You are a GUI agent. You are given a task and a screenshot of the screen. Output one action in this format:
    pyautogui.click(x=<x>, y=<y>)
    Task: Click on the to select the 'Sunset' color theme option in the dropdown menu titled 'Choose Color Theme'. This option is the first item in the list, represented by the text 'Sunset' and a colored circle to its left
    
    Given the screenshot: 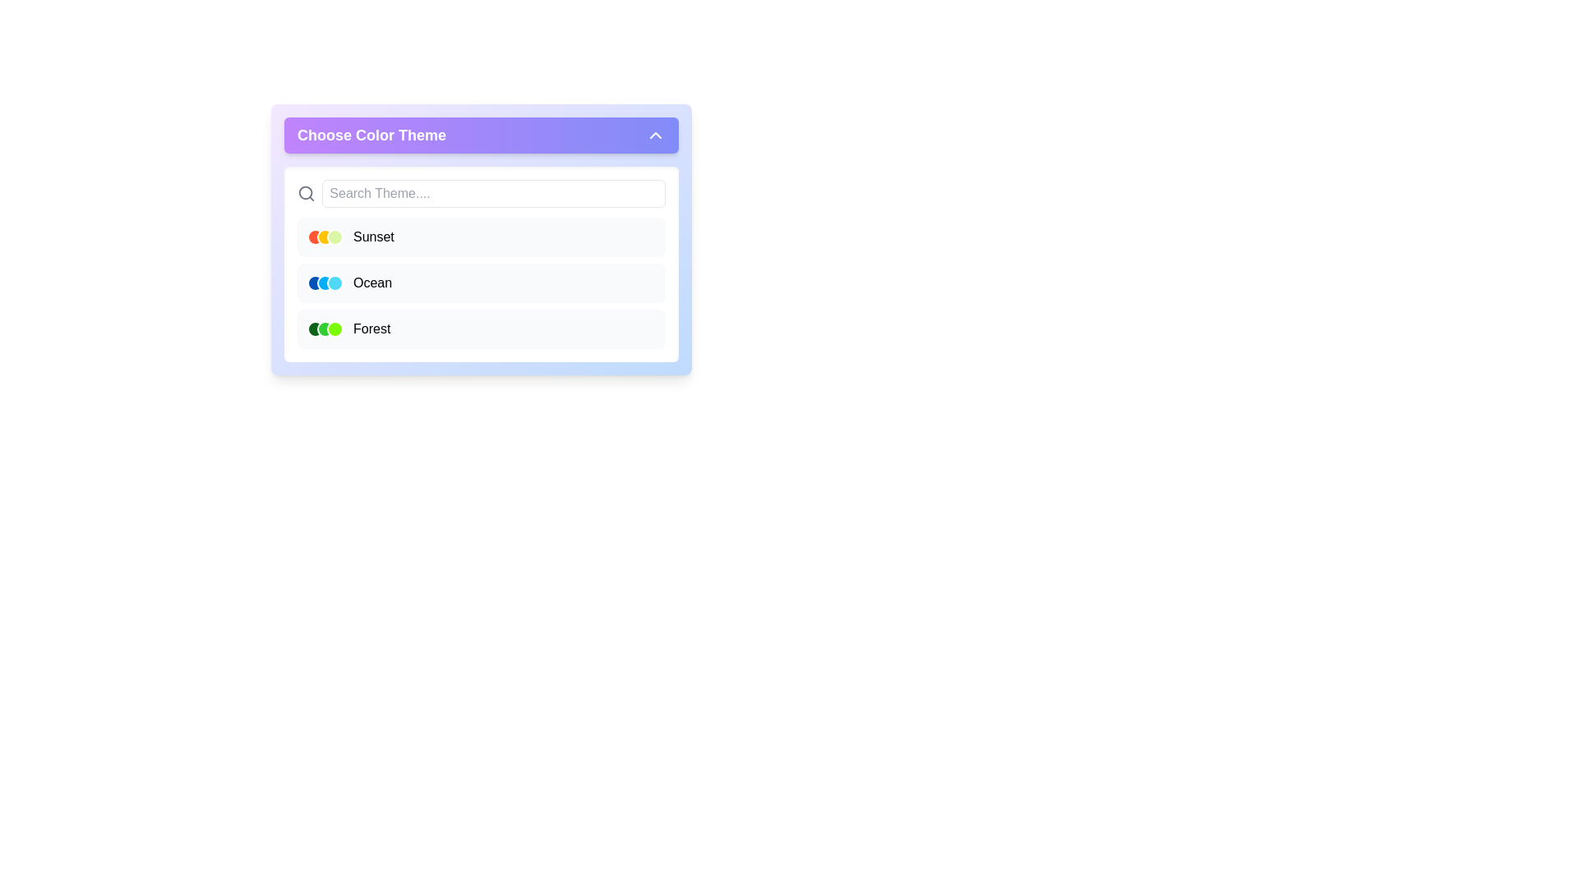 What is the action you would take?
    pyautogui.click(x=349, y=237)
    